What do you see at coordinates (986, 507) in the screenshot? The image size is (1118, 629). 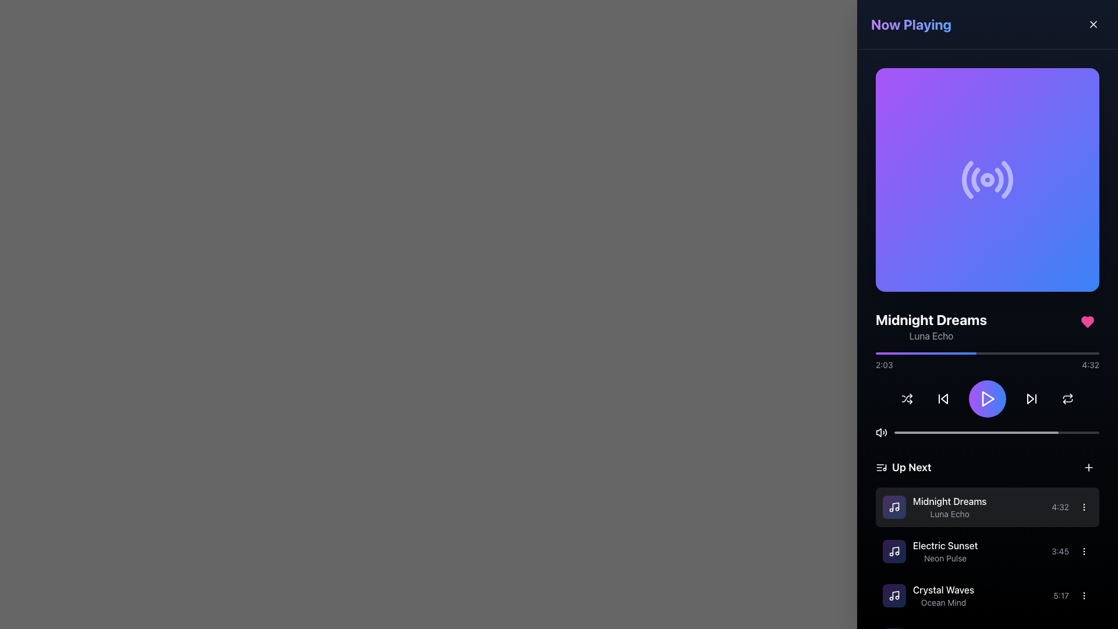 I see `the first song entry` at bounding box center [986, 507].